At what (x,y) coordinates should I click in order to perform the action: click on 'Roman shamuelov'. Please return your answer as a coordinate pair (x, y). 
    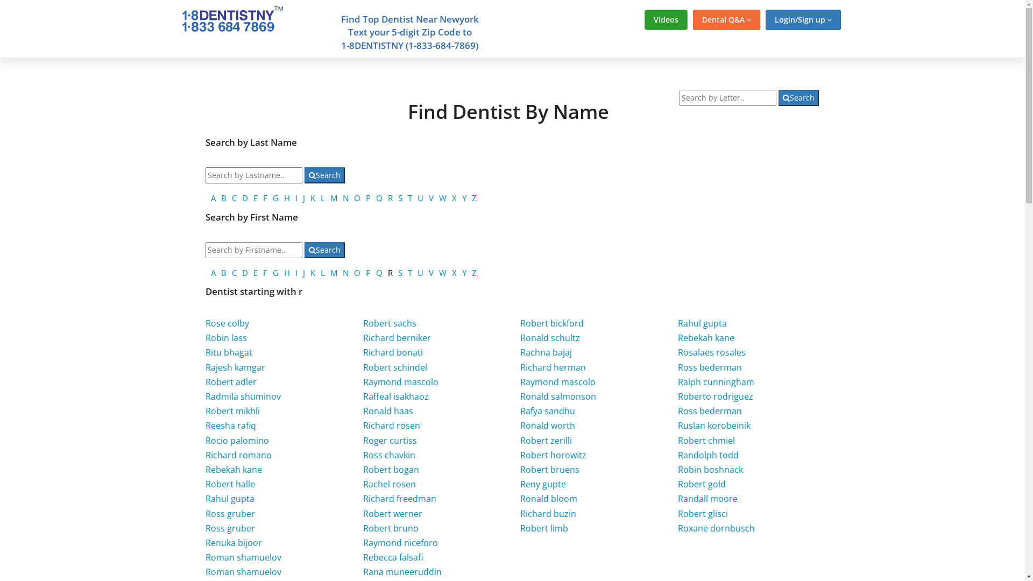
    Looking at the image, I should click on (206, 571).